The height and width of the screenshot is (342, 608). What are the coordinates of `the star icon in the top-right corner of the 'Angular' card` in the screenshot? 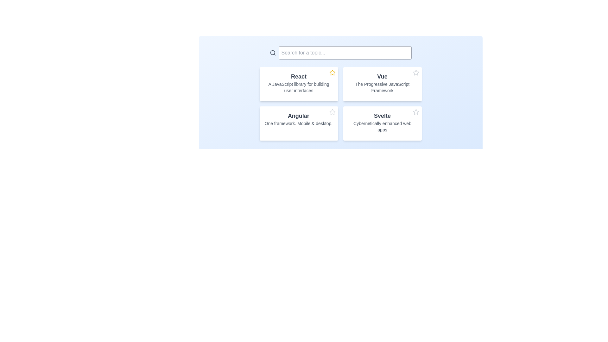 It's located at (332, 112).